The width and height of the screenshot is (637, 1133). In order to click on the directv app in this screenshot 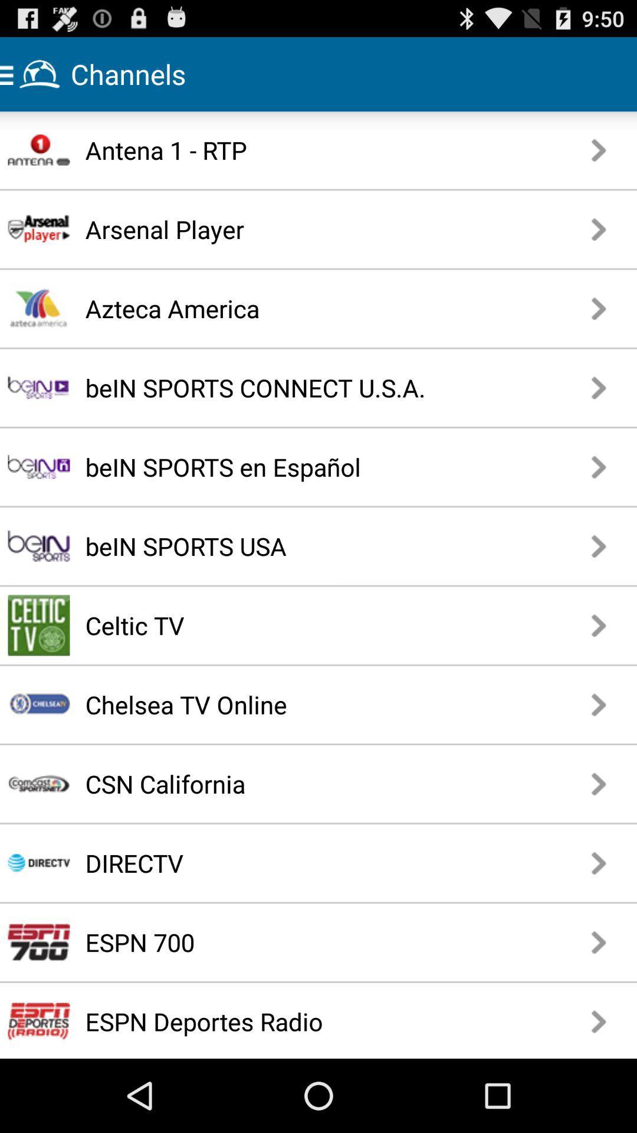, I will do `click(276, 863)`.